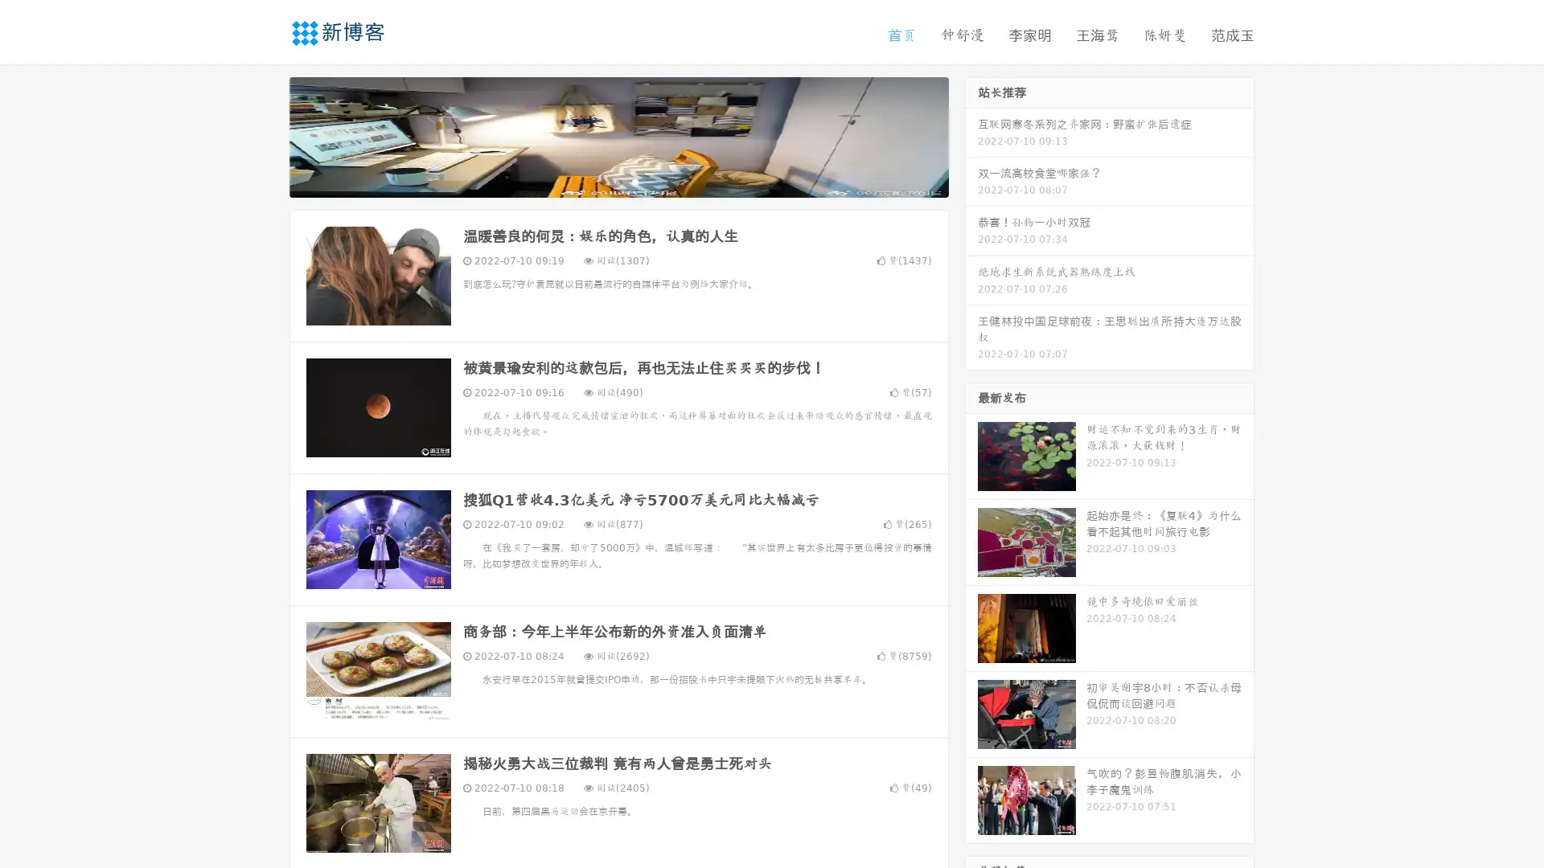 This screenshot has width=1544, height=868. Describe the element at coordinates (971, 135) in the screenshot. I see `Next slide` at that location.